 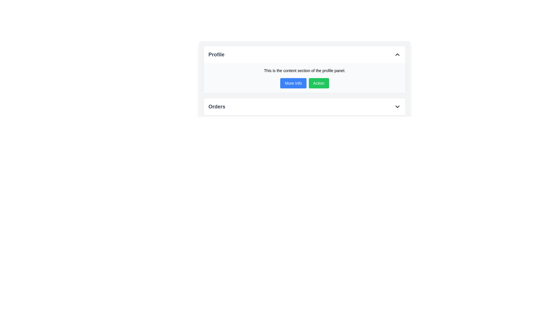 I want to click on the 'More Info' button located in the Profile section to observe the hover effect, so click(x=293, y=83).